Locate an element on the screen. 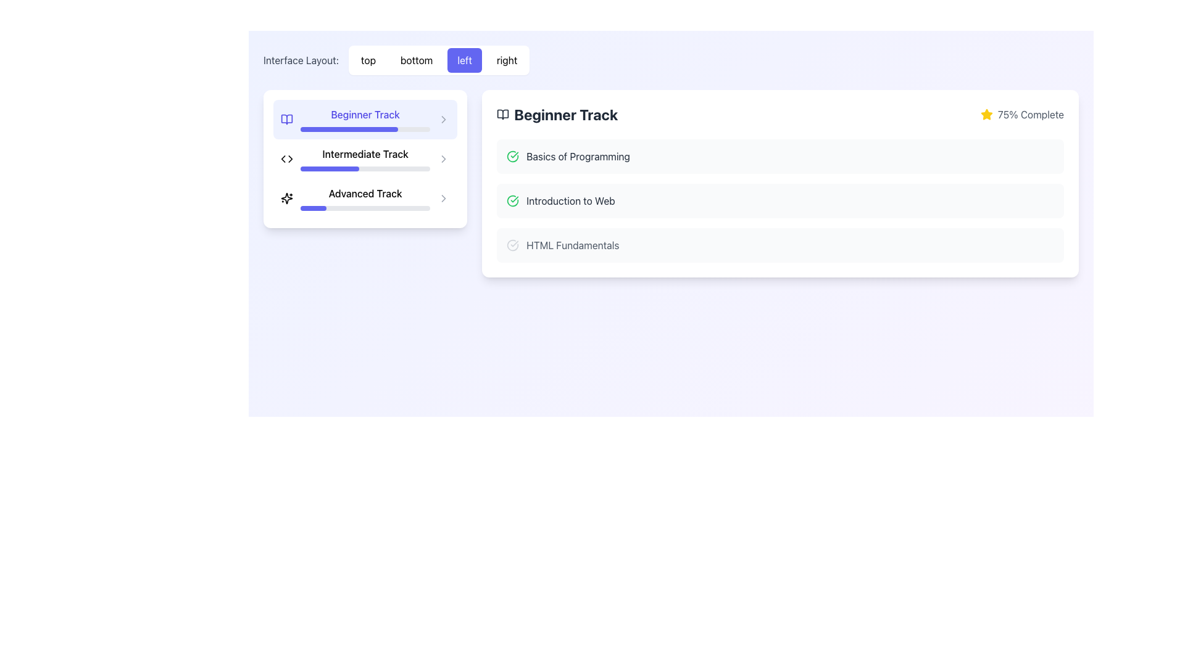  the text label displaying 'Basics of Programming' is located at coordinates (577, 156).